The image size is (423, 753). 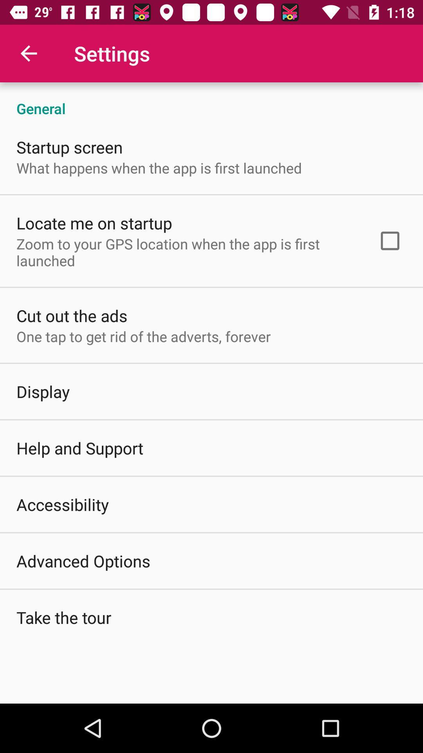 What do you see at coordinates (159, 167) in the screenshot?
I see `the what happens when icon` at bounding box center [159, 167].